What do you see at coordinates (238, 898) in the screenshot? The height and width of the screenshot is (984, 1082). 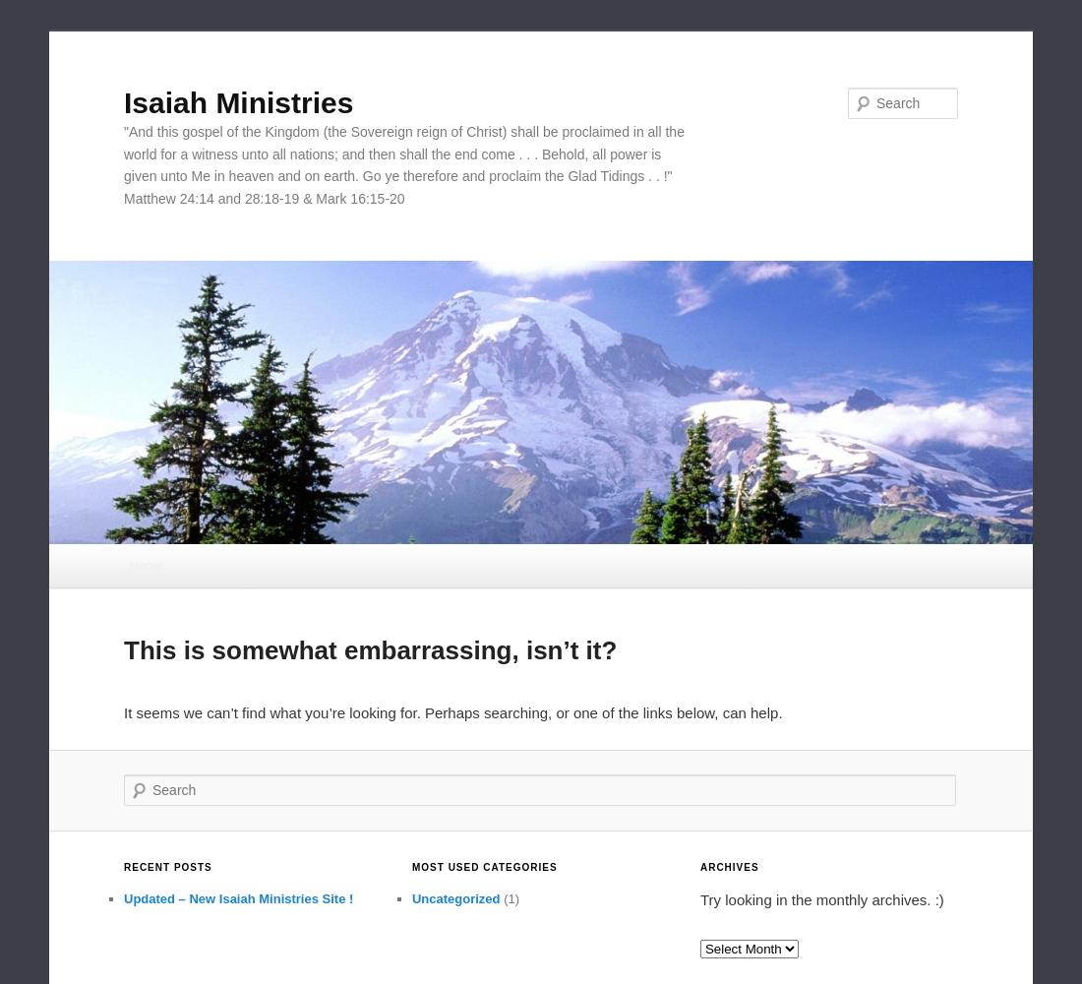 I see `'Updated –  New Isaiah Ministries Site !'` at bounding box center [238, 898].